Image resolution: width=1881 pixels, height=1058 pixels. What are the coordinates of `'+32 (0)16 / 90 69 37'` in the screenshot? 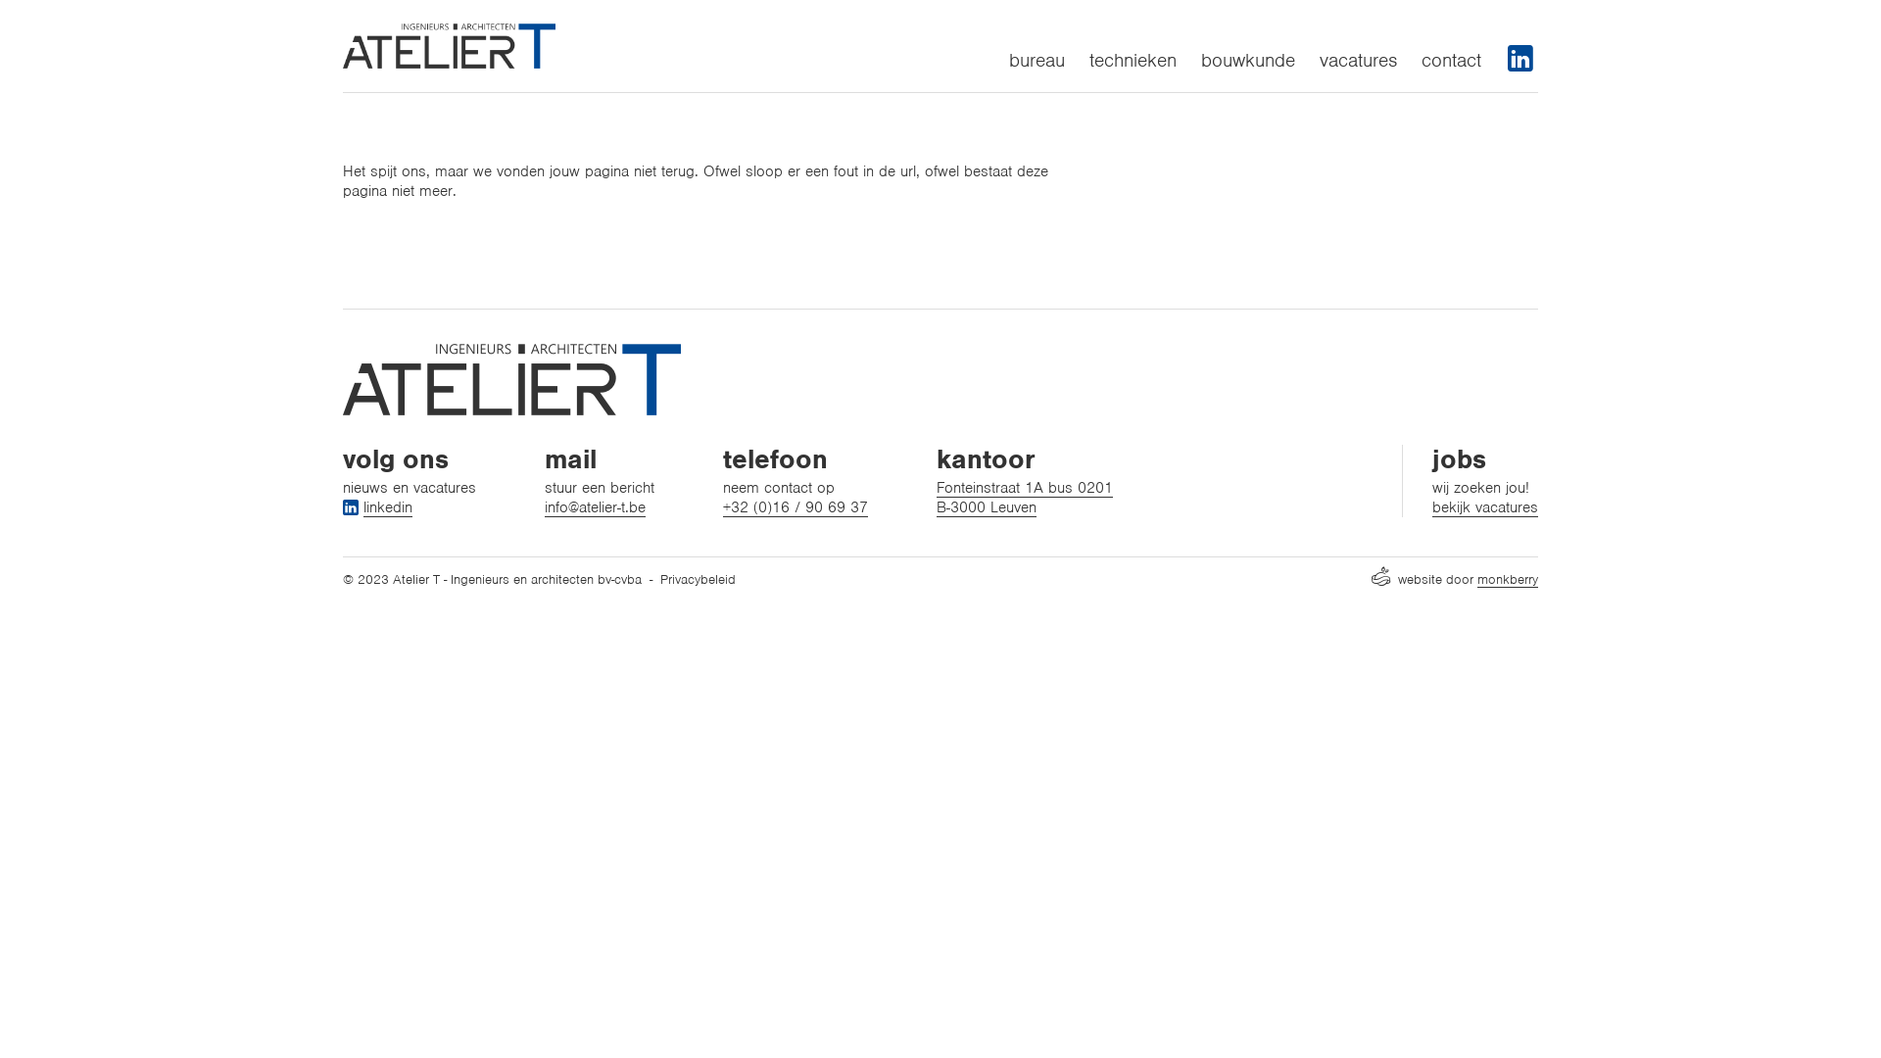 It's located at (722, 505).